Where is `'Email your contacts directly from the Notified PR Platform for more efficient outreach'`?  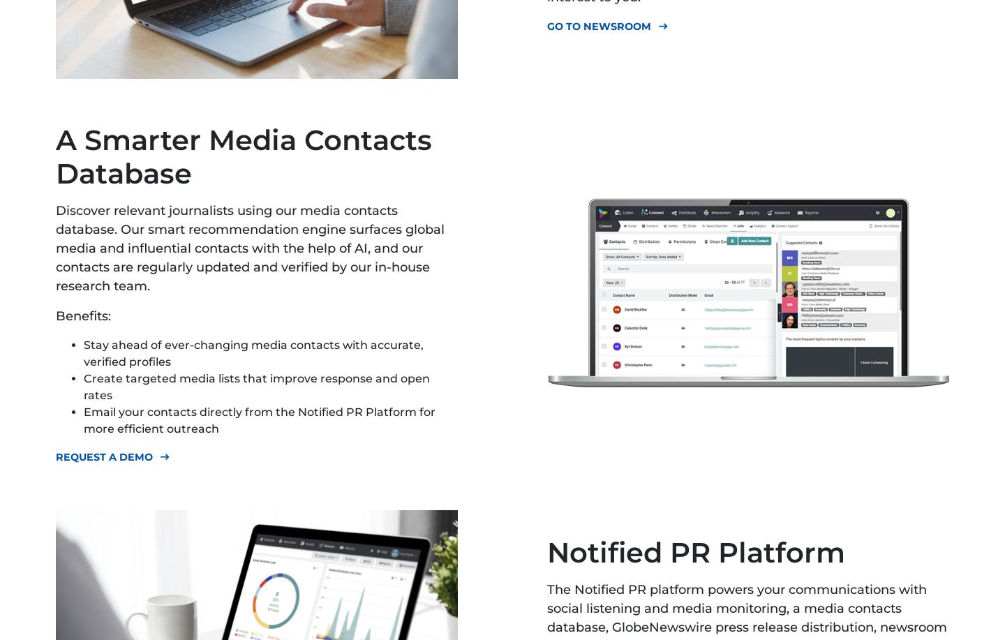
'Email your contacts directly from the Notified PR Platform for more efficient outreach' is located at coordinates (258, 419).